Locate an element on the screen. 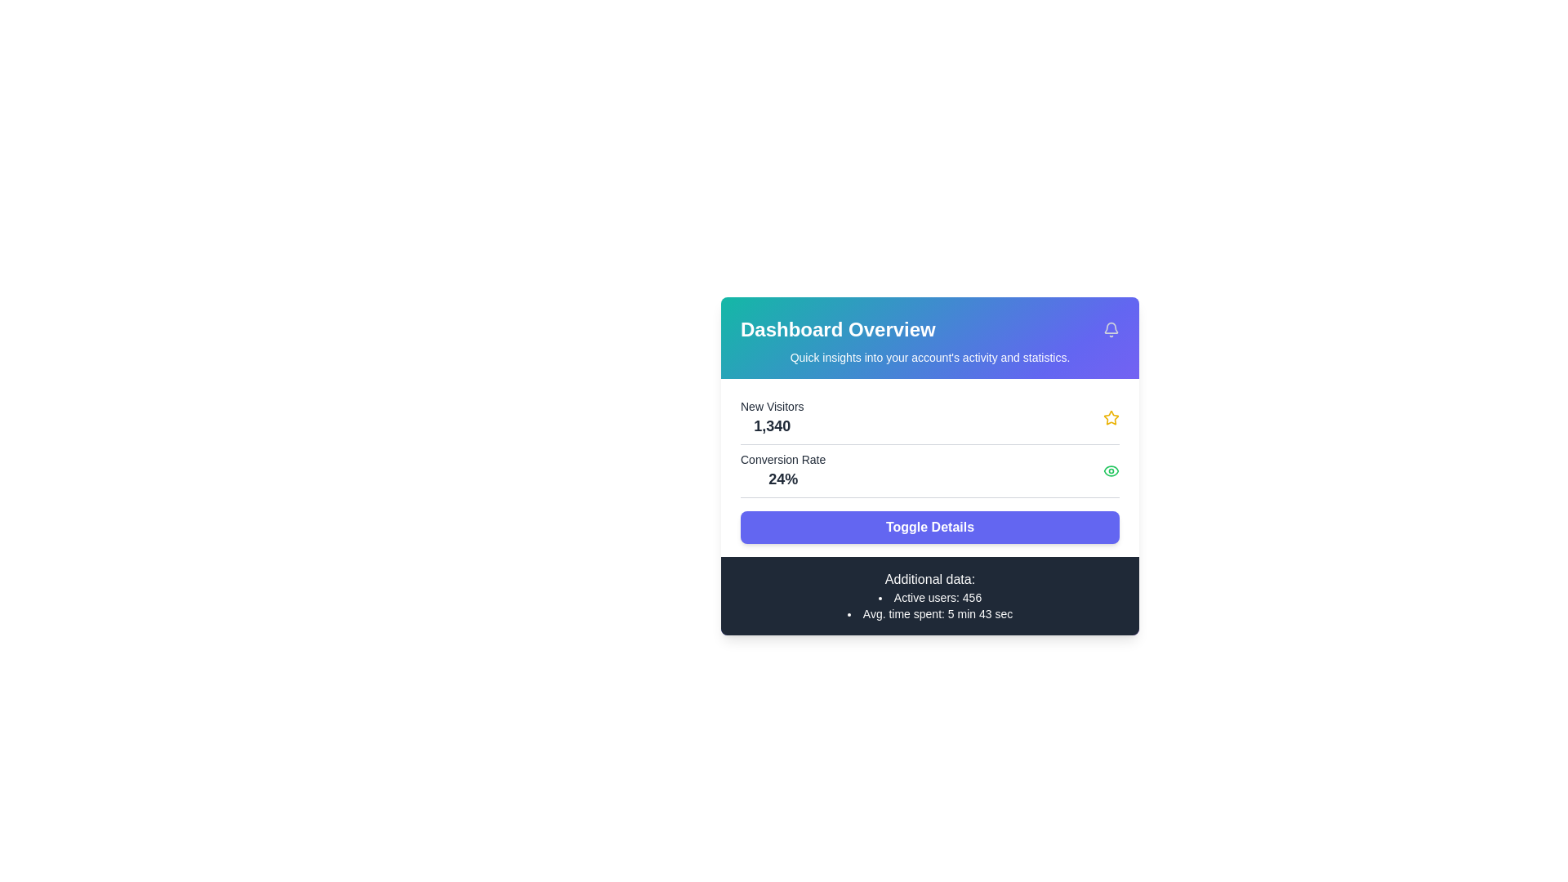  the star icon button in the top-right corner of the 'Dashboard Overview' card to favorite the item is located at coordinates (1110, 416).